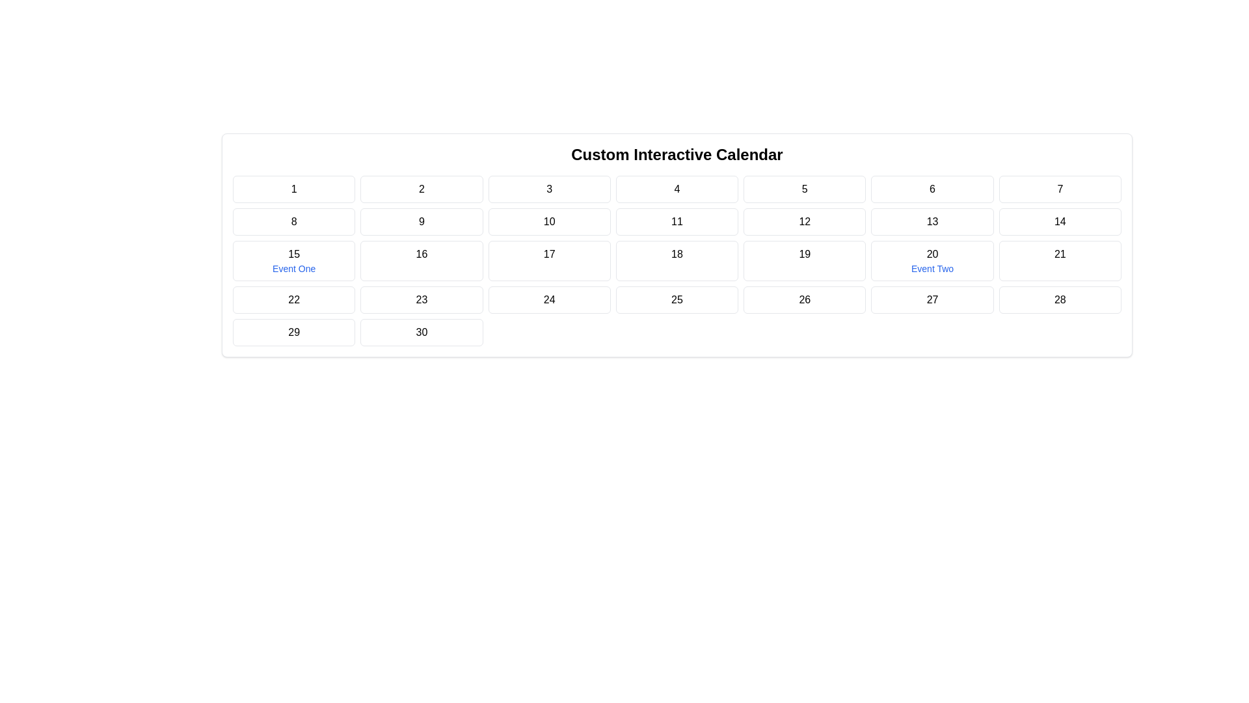 This screenshot has width=1249, height=703. What do you see at coordinates (422, 331) in the screenshot?
I see `the calendar day button representing the 30th day in the interactive date selection feature` at bounding box center [422, 331].